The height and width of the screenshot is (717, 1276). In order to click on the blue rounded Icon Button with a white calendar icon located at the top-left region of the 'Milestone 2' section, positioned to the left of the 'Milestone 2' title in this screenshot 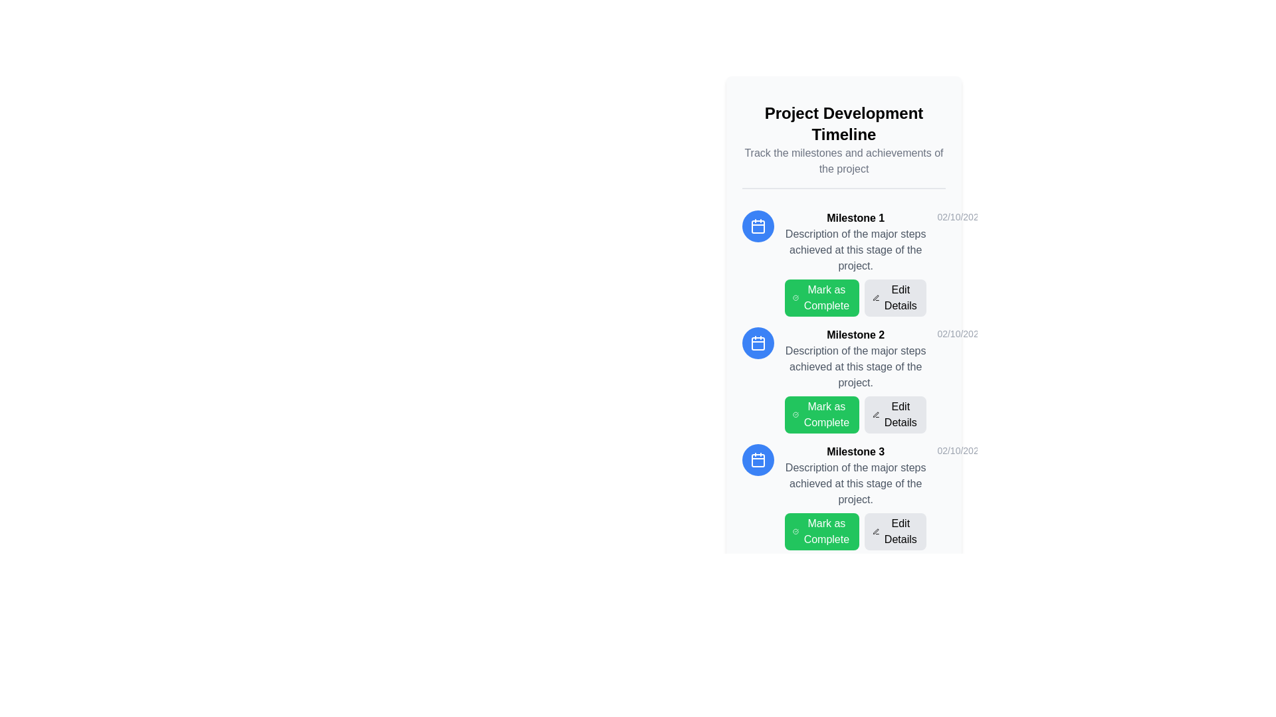, I will do `click(758, 342)`.